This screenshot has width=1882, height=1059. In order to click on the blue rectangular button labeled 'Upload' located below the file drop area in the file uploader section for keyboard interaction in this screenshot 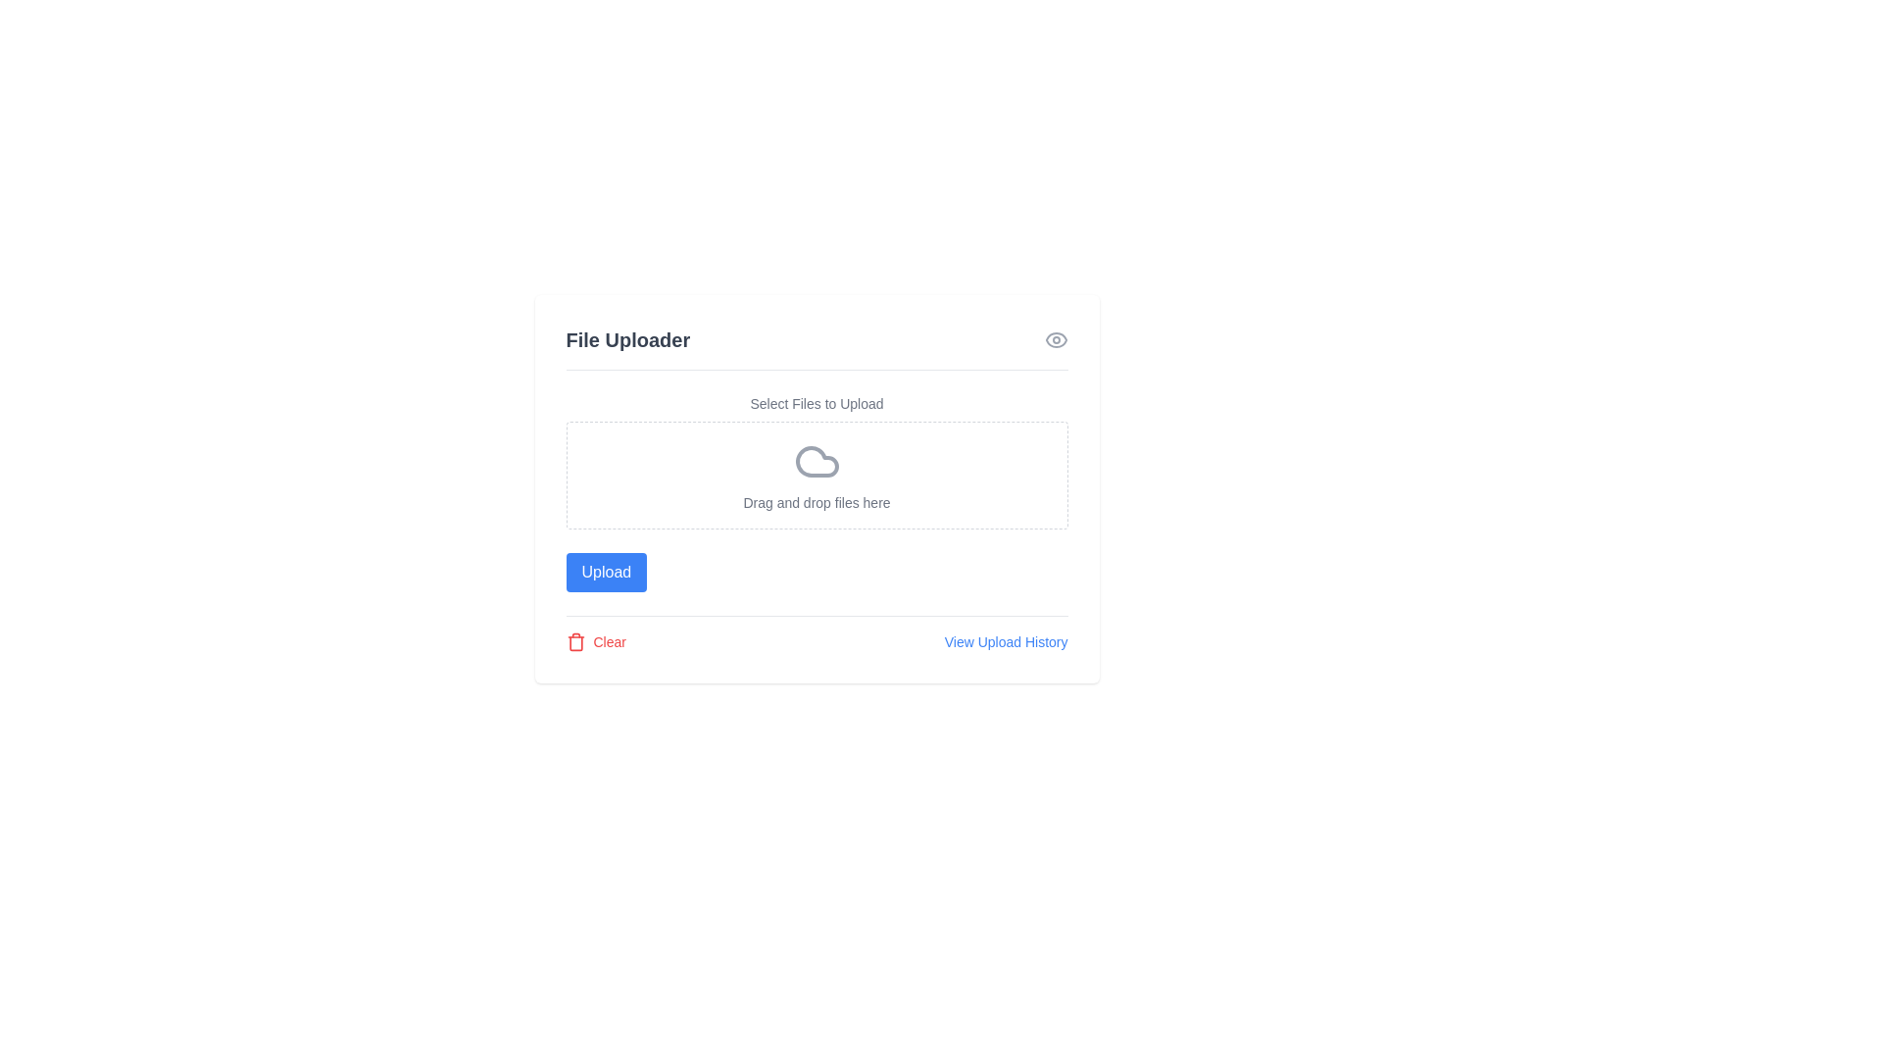, I will do `click(605, 572)`.